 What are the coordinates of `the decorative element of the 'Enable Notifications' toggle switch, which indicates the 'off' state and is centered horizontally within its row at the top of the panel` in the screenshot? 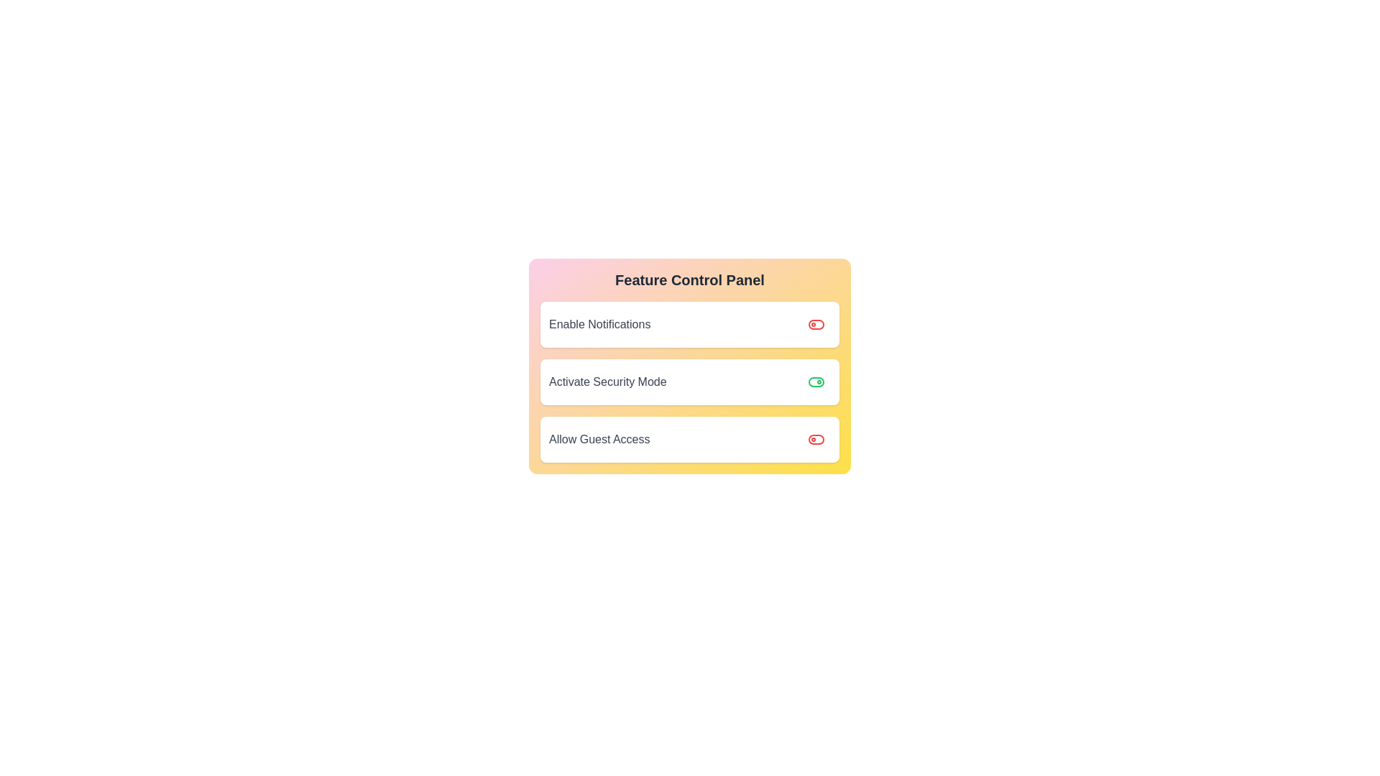 It's located at (816, 439).